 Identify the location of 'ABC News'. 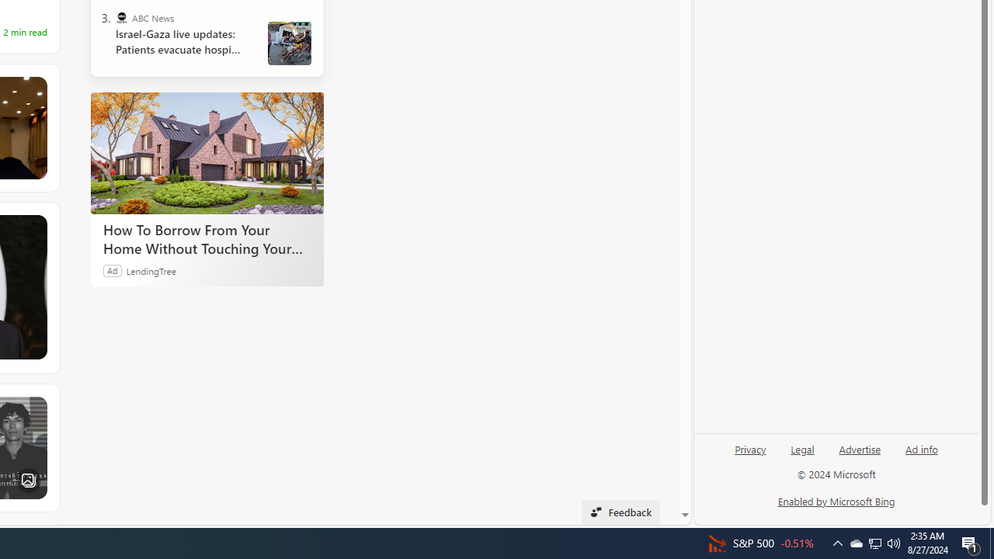
(120, 18).